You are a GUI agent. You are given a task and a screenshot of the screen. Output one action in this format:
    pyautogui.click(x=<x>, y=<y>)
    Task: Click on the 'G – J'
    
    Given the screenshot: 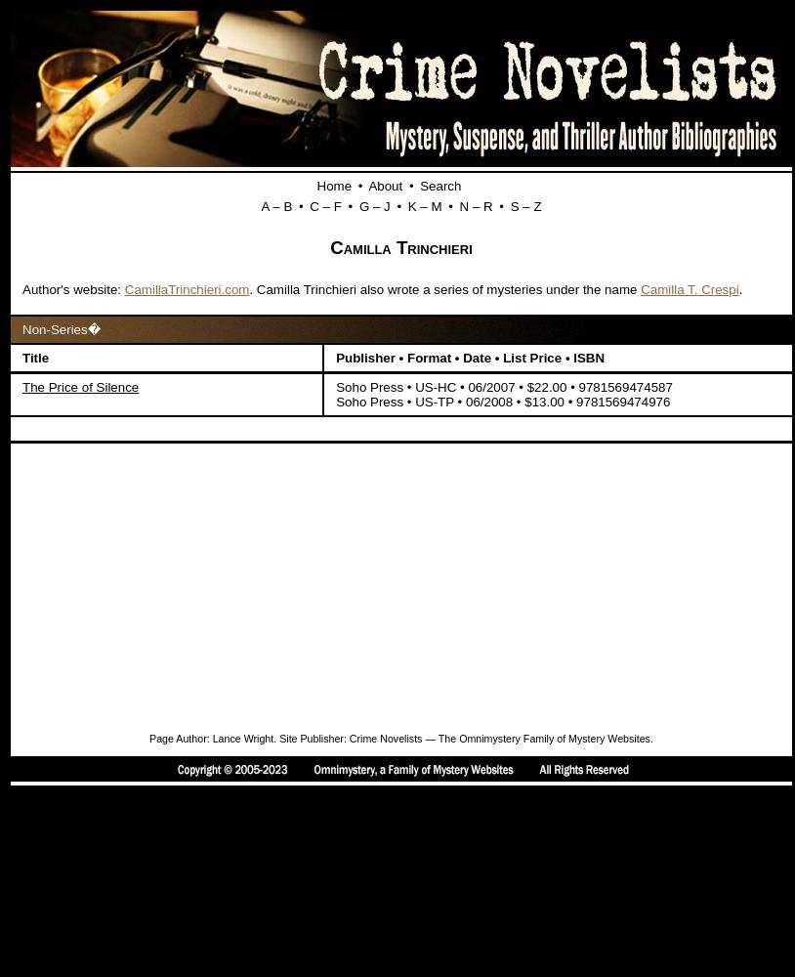 What is the action you would take?
    pyautogui.click(x=373, y=205)
    